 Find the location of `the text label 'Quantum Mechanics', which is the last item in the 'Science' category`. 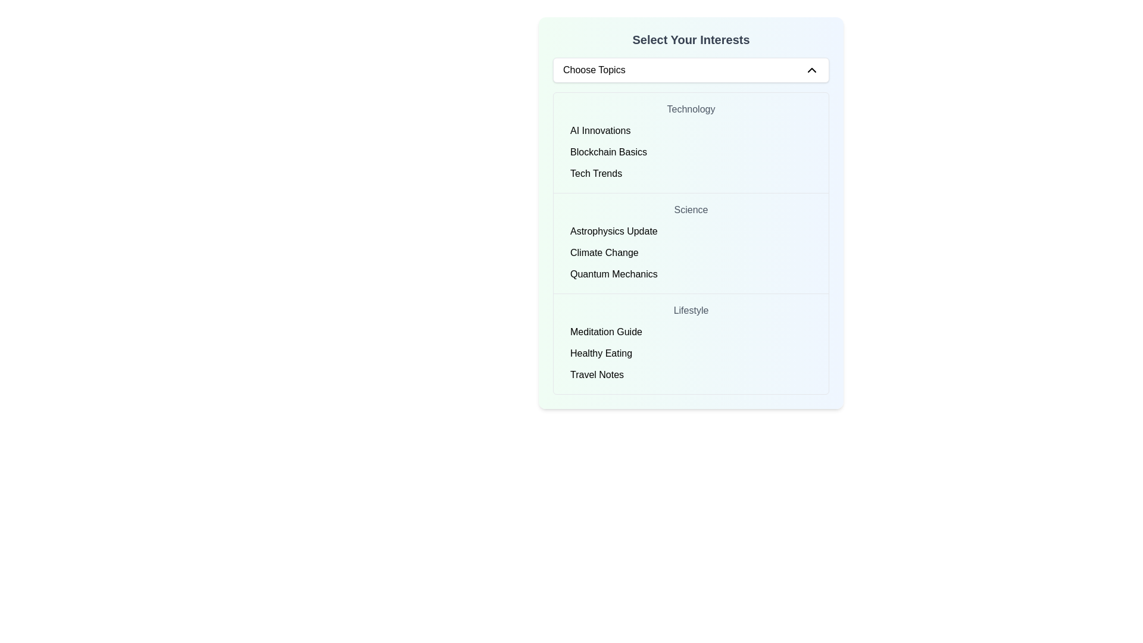

the text label 'Quantum Mechanics', which is the last item in the 'Science' category is located at coordinates (614, 274).